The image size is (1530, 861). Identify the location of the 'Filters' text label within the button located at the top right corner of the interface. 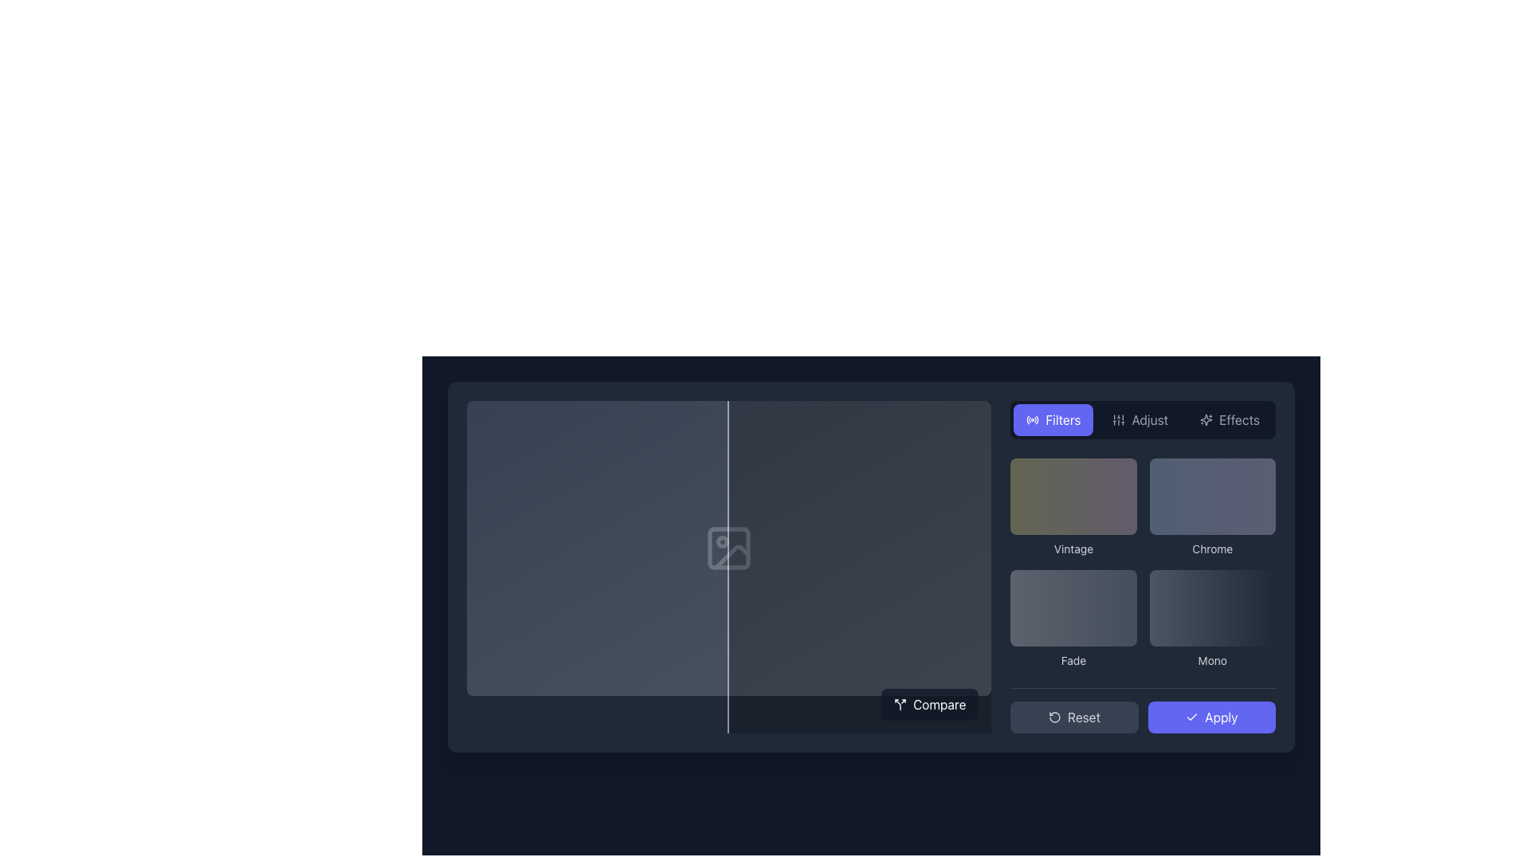
(1063, 419).